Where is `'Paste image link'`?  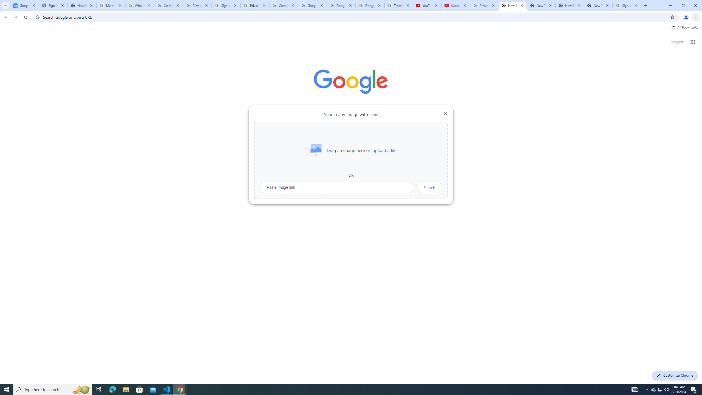
'Paste image link' is located at coordinates (337, 187).